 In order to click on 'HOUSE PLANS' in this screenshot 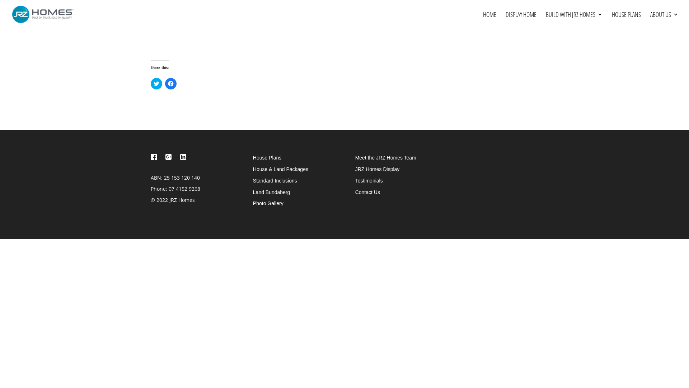, I will do `click(611, 20)`.